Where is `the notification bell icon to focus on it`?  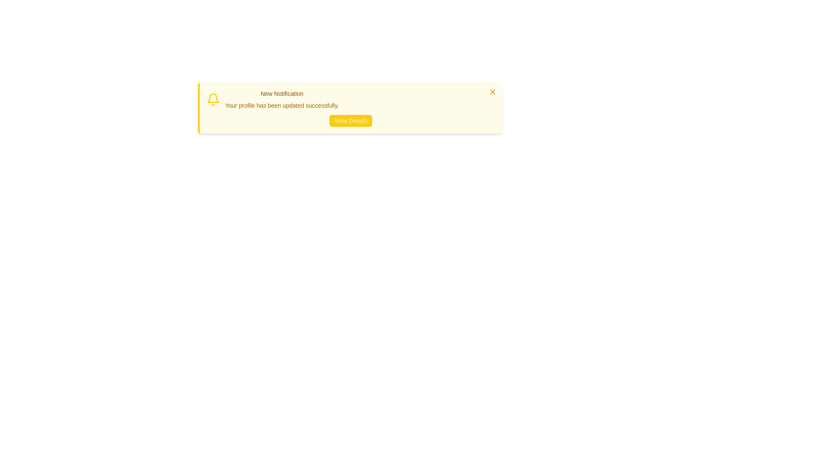 the notification bell icon to focus on it is located at coordinates (213, 99).